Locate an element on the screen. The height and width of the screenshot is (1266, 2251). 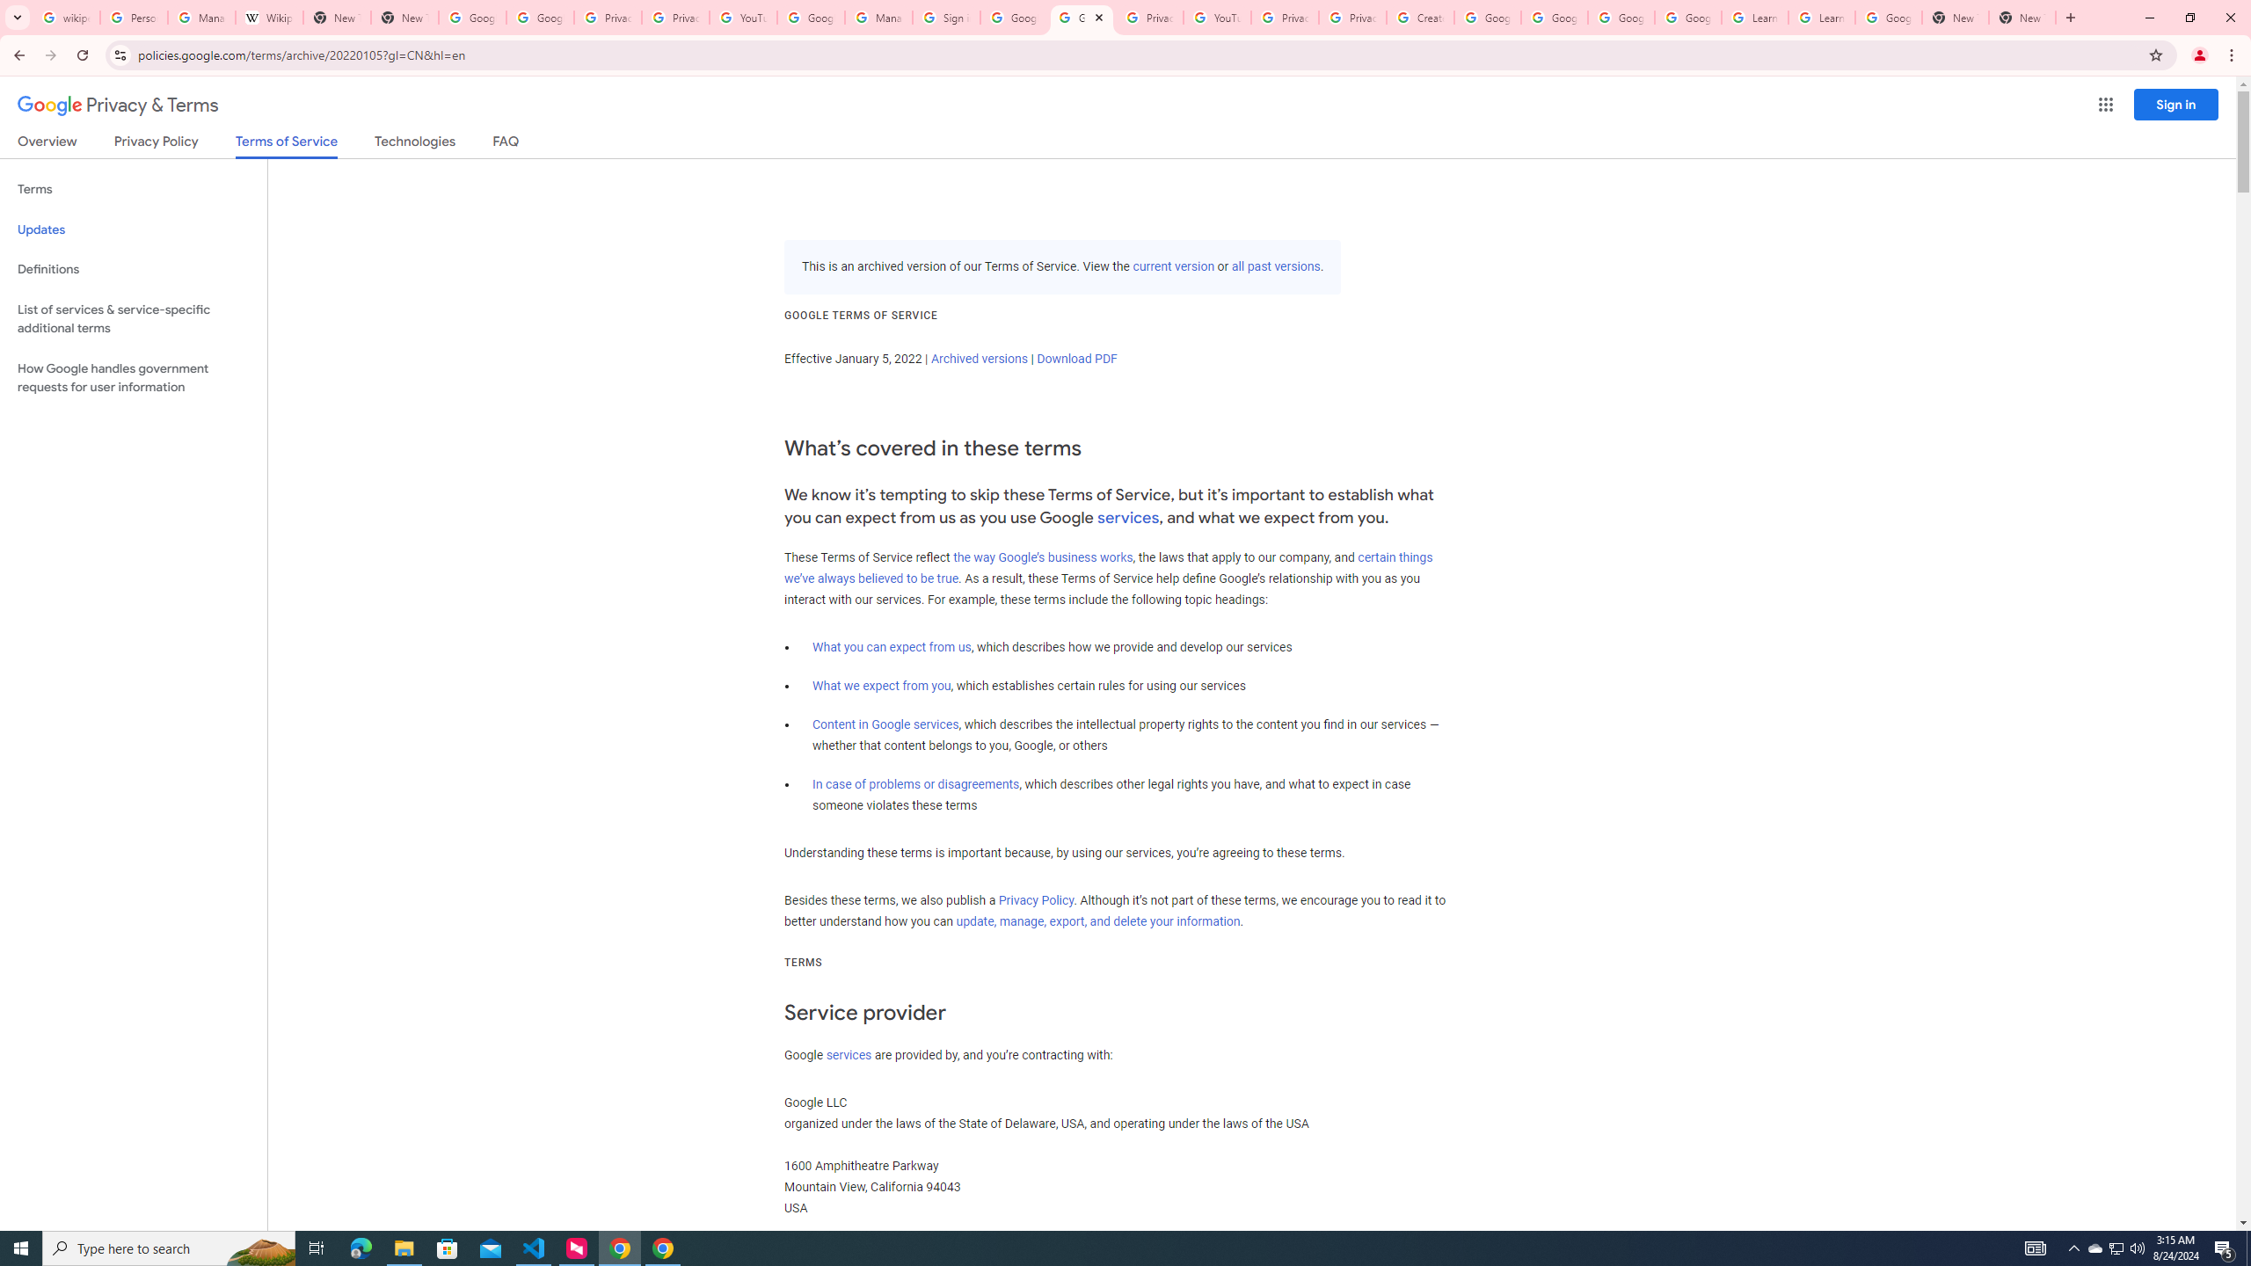
'Google Account' is located at coordinates (1888, 17).